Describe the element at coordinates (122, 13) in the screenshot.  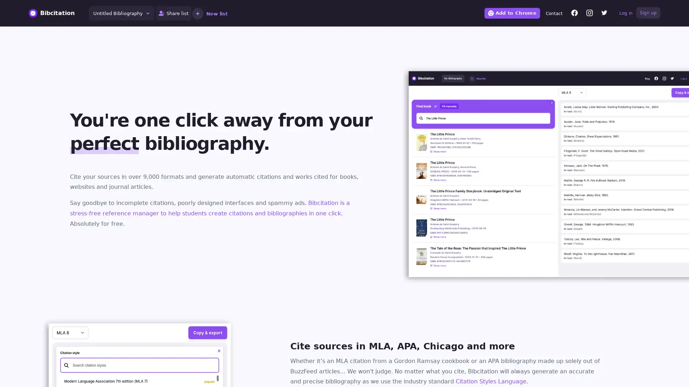
I see `Untitled Bibliography` at that location.